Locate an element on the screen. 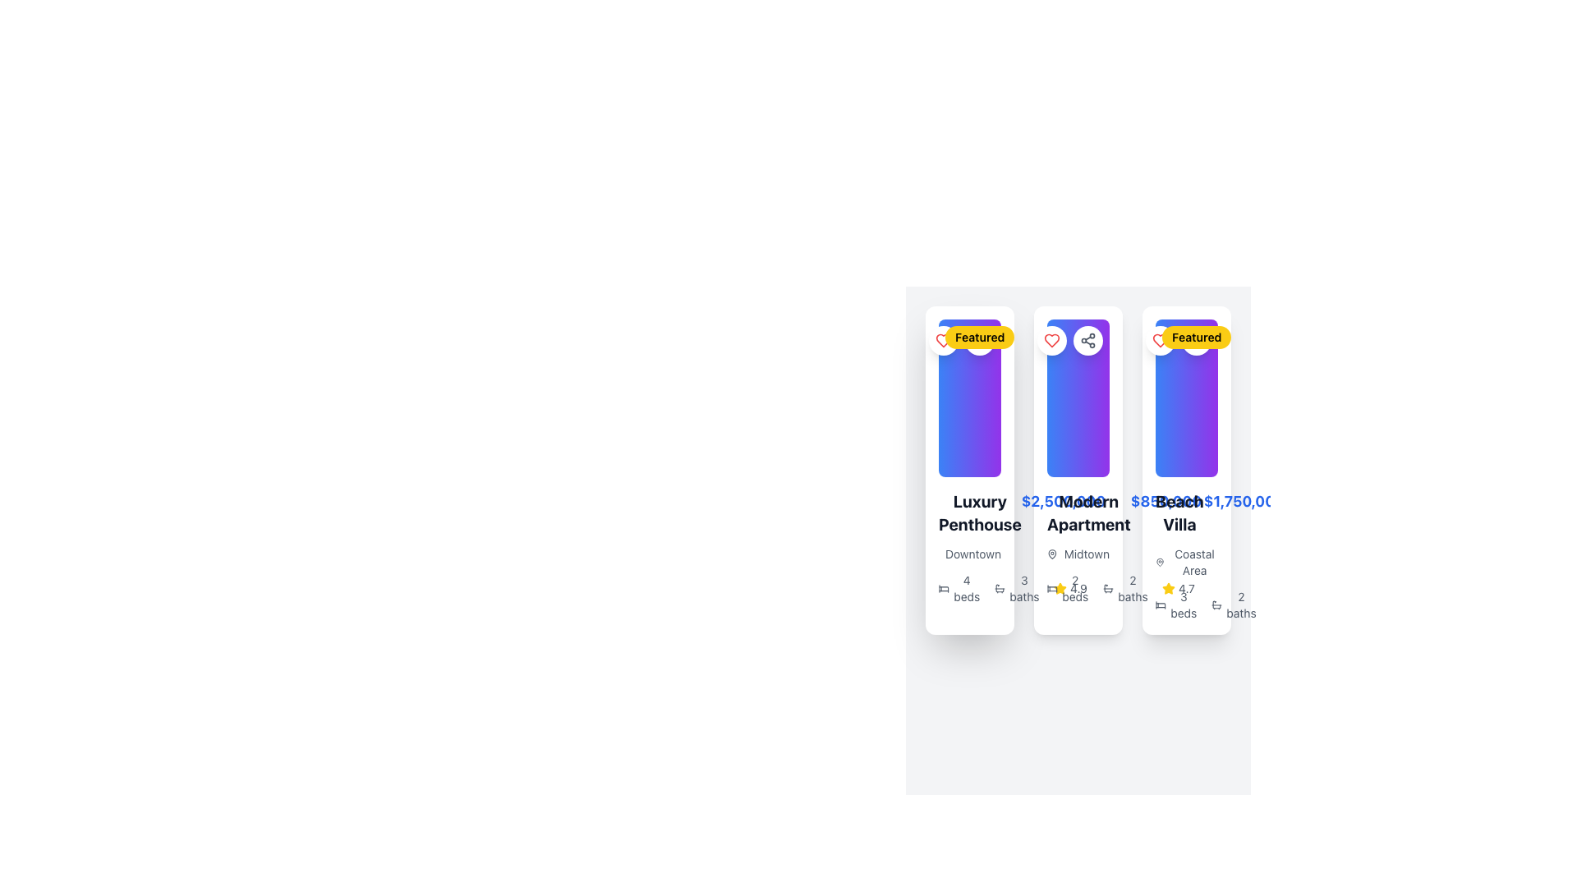 This screenshot has height=887, width=1577. text '2 beds' located in the lower center portion of the second property listing card, positioned below the location information and next to a bed icon is located at coordinates (1075, 588).